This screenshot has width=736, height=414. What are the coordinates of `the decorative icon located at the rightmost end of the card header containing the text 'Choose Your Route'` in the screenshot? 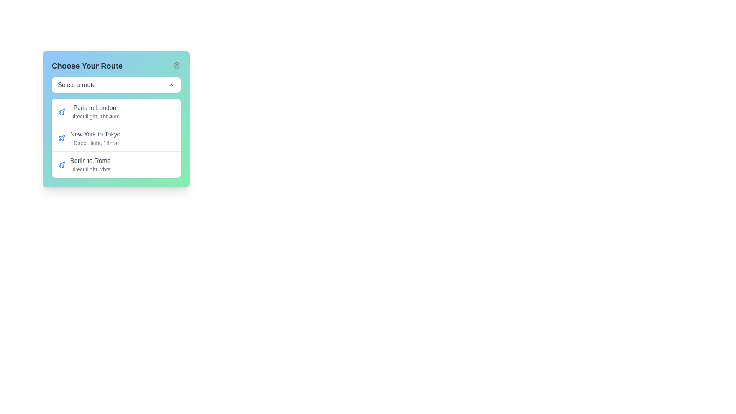 It's located at (176, 66).